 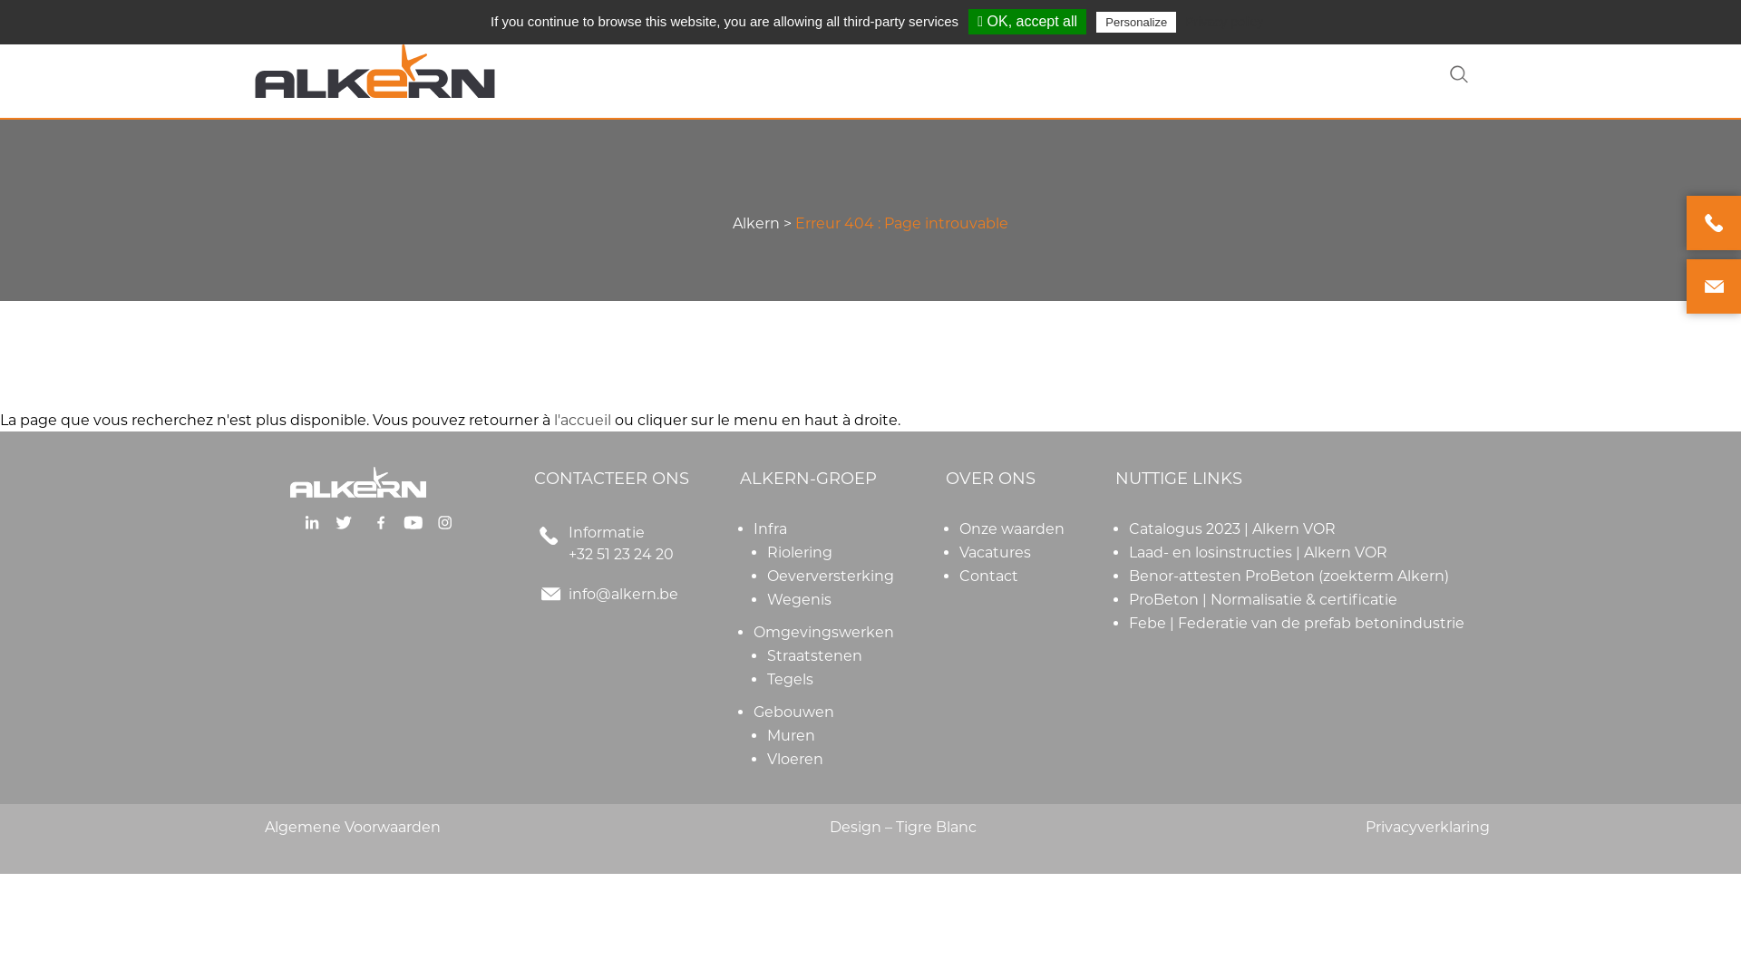 I want to click on 'Alkern', so click(x=756, y=222).